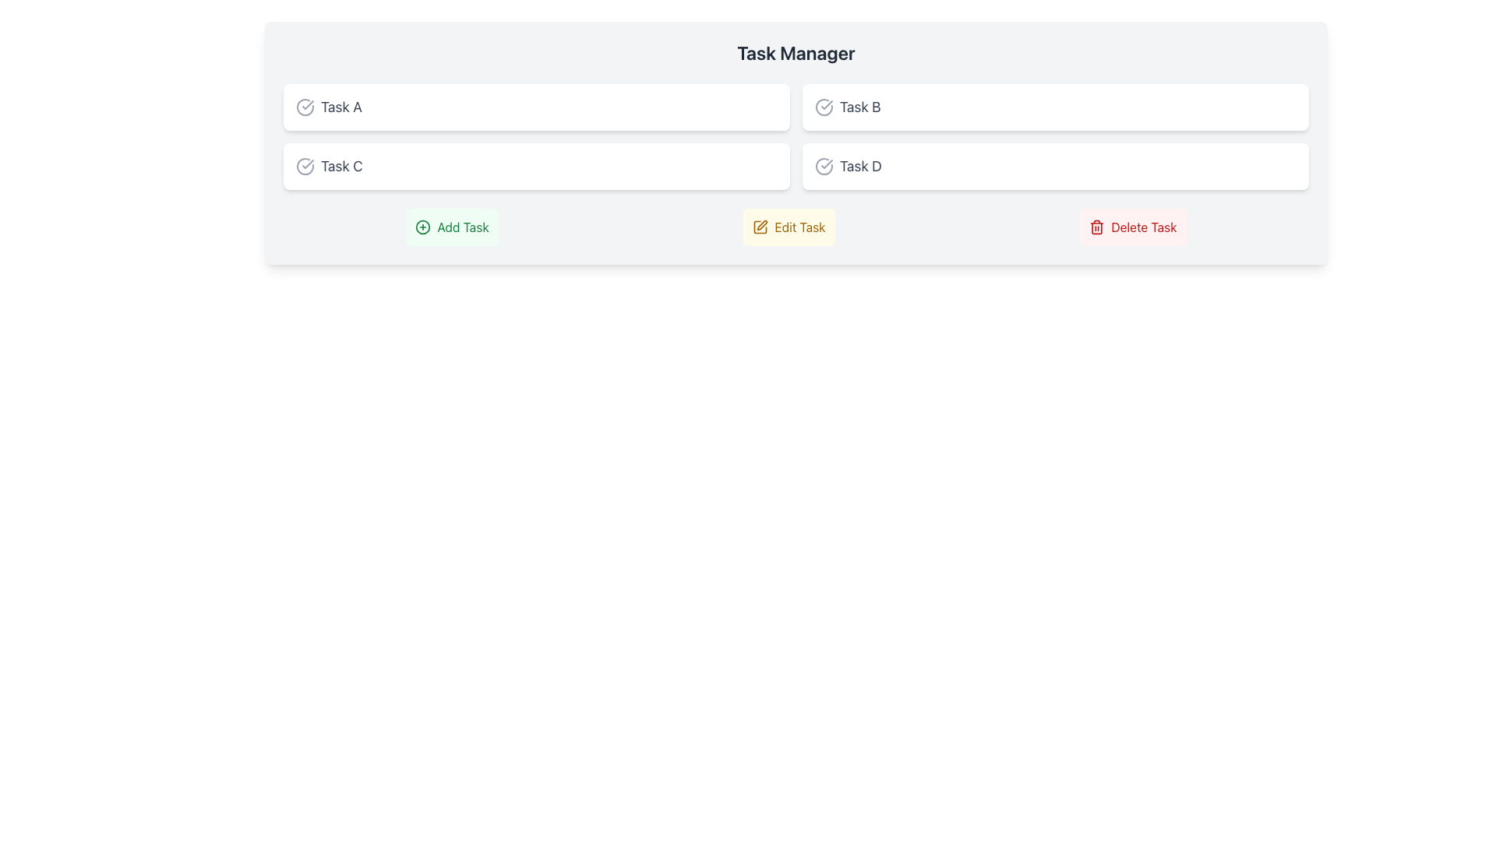  What do you see at coordinates (1144, 227) in the screenshot?
I see `the red 'Delete Task' text label within the button interface` at bounding box center [1144, 227].